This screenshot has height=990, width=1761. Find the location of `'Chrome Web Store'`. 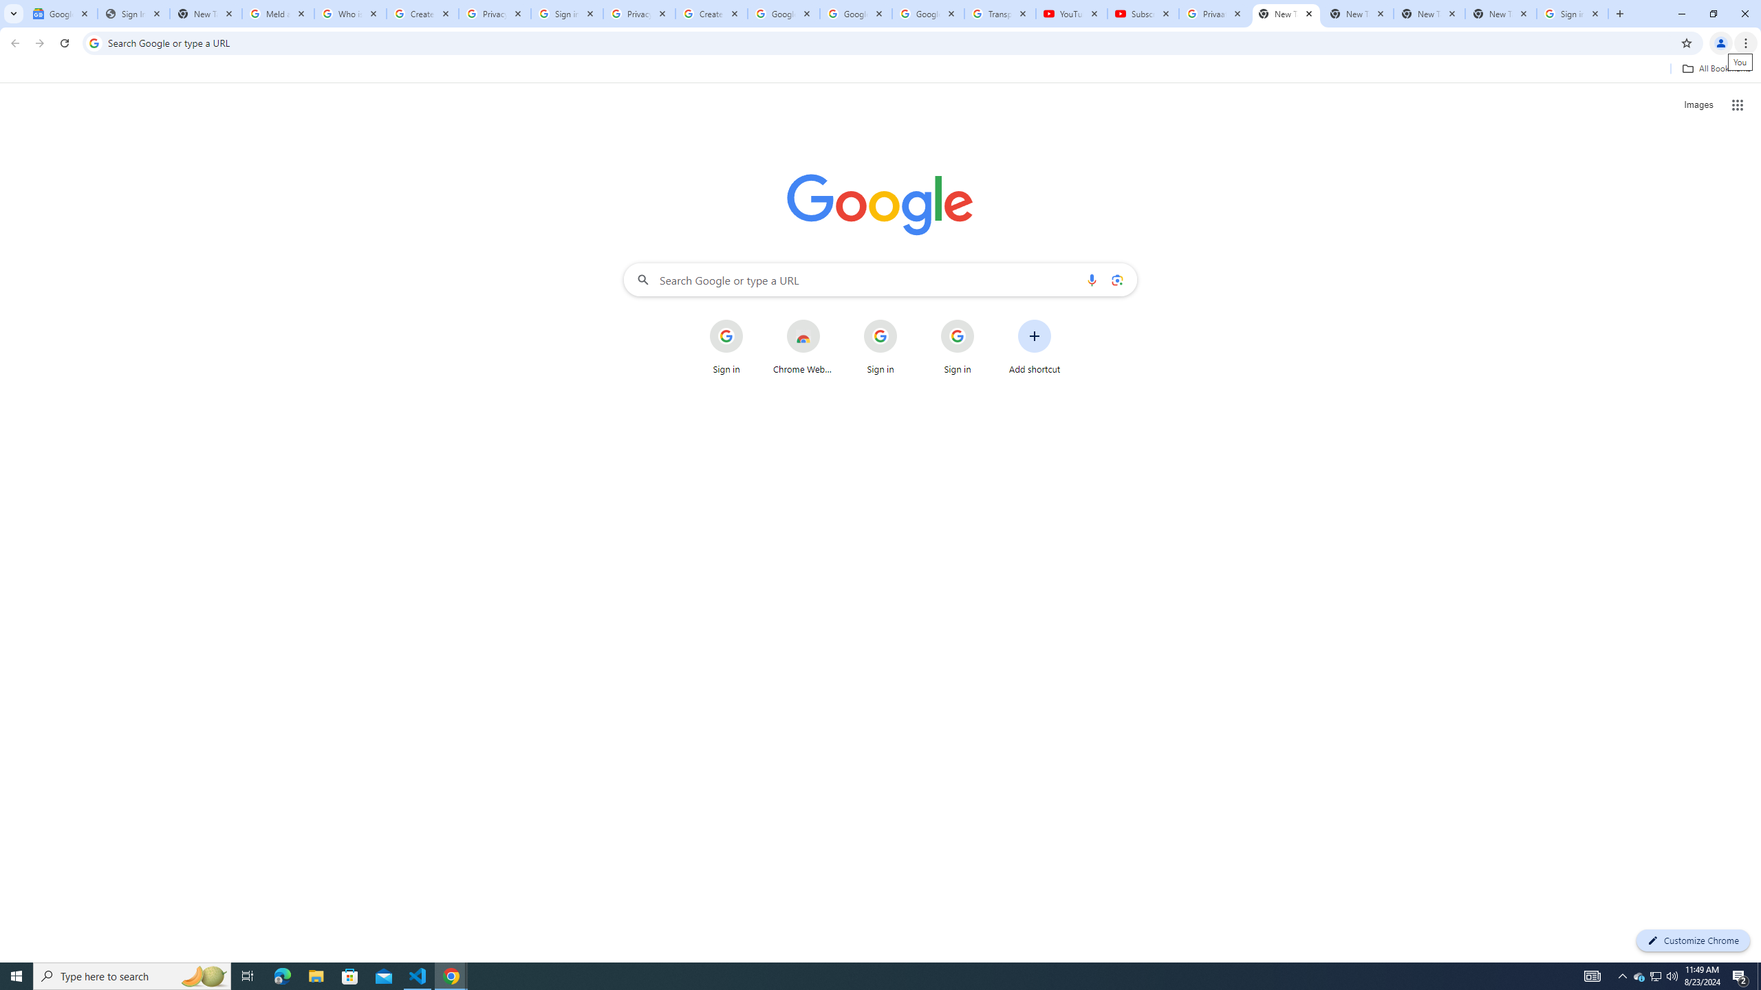

'Chrome Web Store' is located at coordinates (802, 347).